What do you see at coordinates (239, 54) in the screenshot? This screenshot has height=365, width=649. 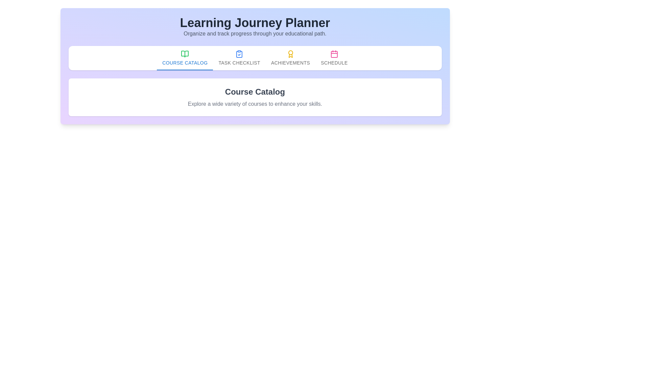 I see `the clipboard icon representing the 'Task Checklist' tab in the navigation area` at bounding box center [239, 54].